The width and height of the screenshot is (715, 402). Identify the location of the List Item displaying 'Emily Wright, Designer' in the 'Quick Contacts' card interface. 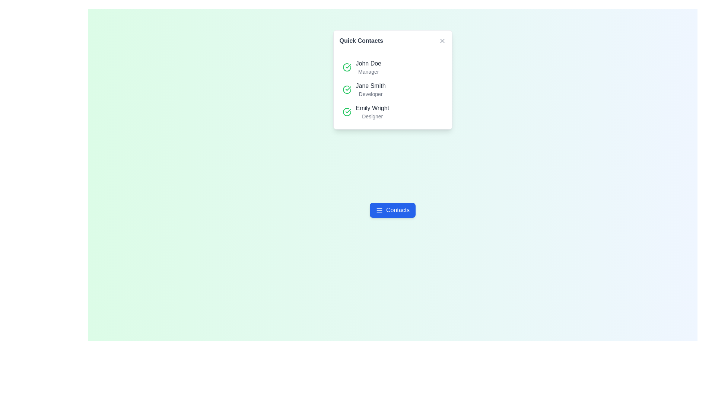
(392, 112).